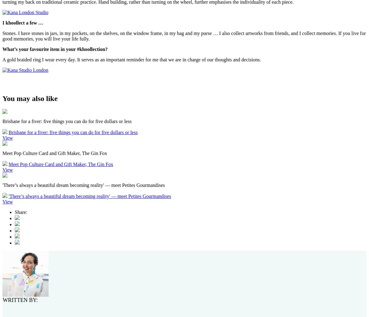  Describe the element at coordinates (54, 49) in the screenshot. I see `'What’s your favourite item in your #khoollection?'` at that location.